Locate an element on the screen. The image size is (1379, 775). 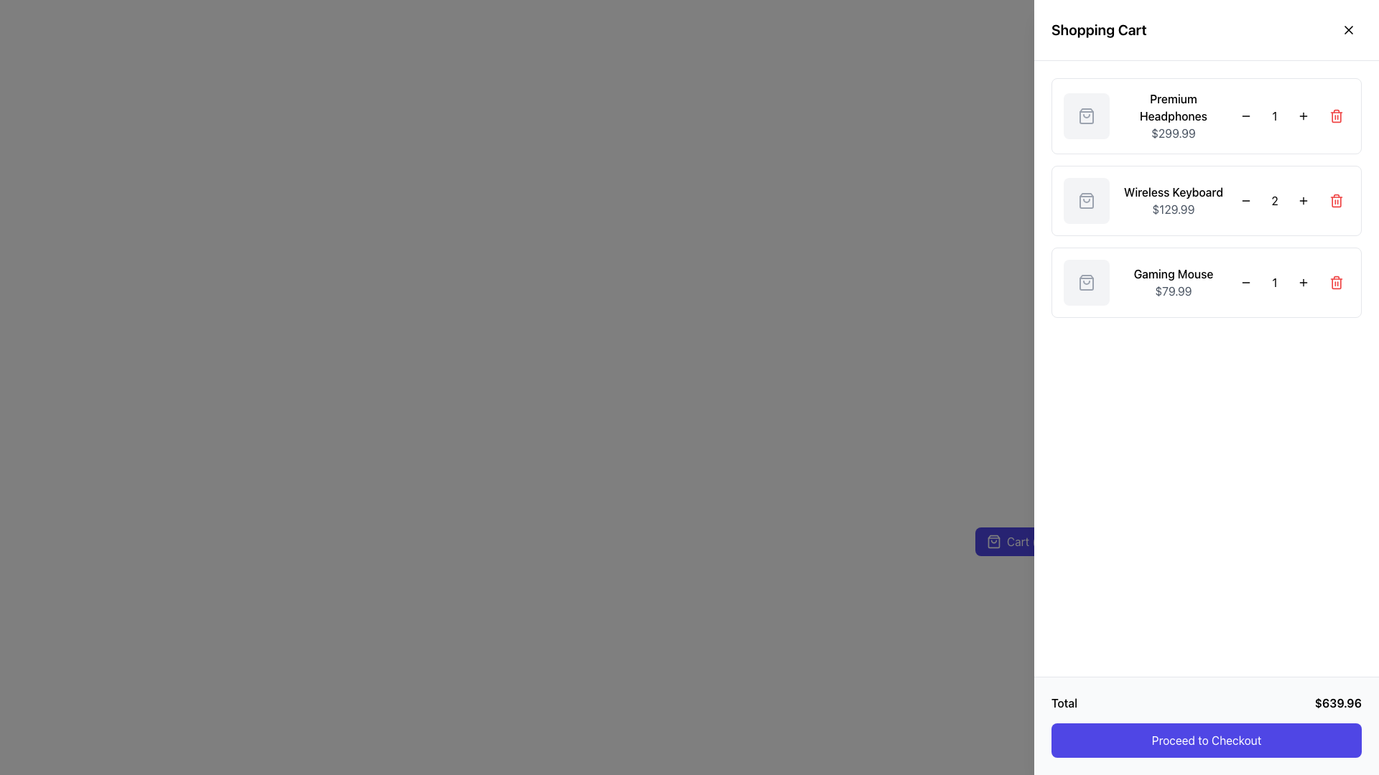
the icon button located in the shopping cart panel, positioned to the far right of each item entry is located at coordinates (1336, 116).